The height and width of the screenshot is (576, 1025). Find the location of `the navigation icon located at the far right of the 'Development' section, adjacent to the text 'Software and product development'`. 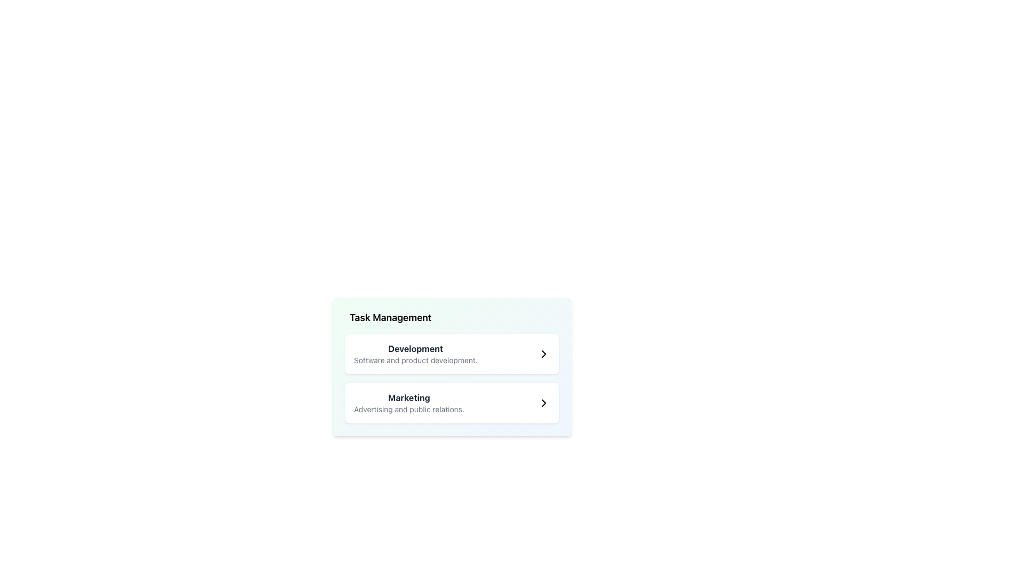

the navigation icon located at the far right of the 'Development' section, adjacent to the text 'Software and product development' is located at coordinates (543, 354).